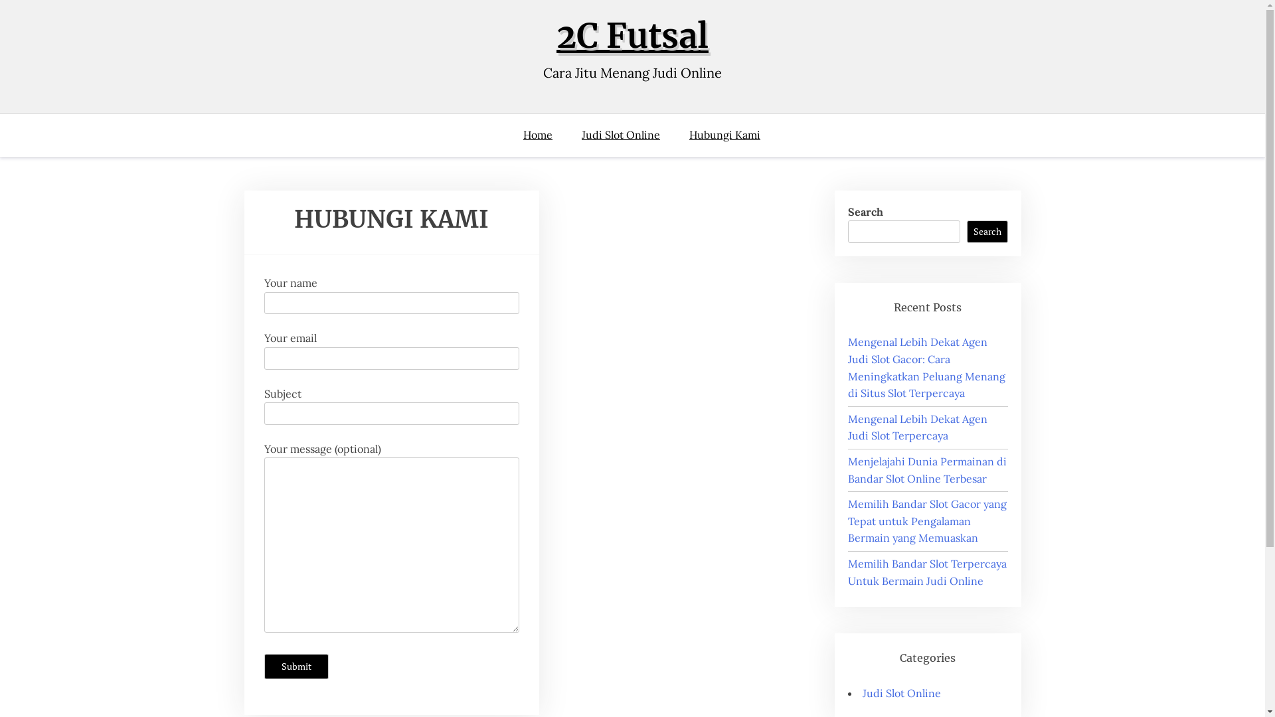 Image resolution: width=1275 pixels, height=717 pixels. I want to click on 'Mengenal Lebih Dekat Agen Judi Slot Terpercaya', so click(847, 428).